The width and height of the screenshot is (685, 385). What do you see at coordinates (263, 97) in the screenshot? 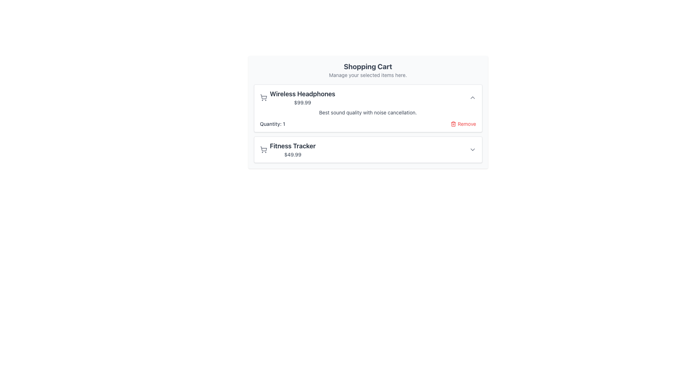
I see `the shopping cart icon, which is a minimalist linear design located to the left of the text 'Wireless Headphones' and aligned with the top of the text block` at bounding box center [263, 97].